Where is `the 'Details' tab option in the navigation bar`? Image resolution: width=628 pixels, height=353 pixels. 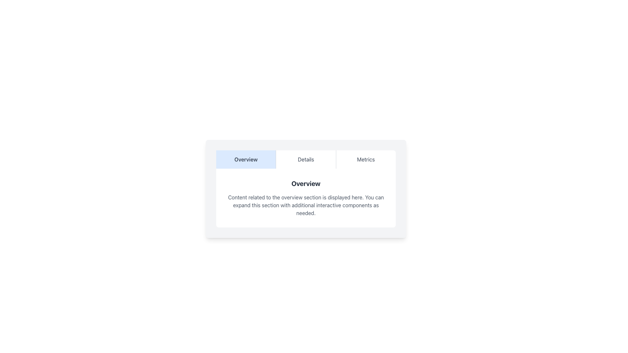 the 'Details' tab option in the navigation bar is located at coordinates (305, 160).